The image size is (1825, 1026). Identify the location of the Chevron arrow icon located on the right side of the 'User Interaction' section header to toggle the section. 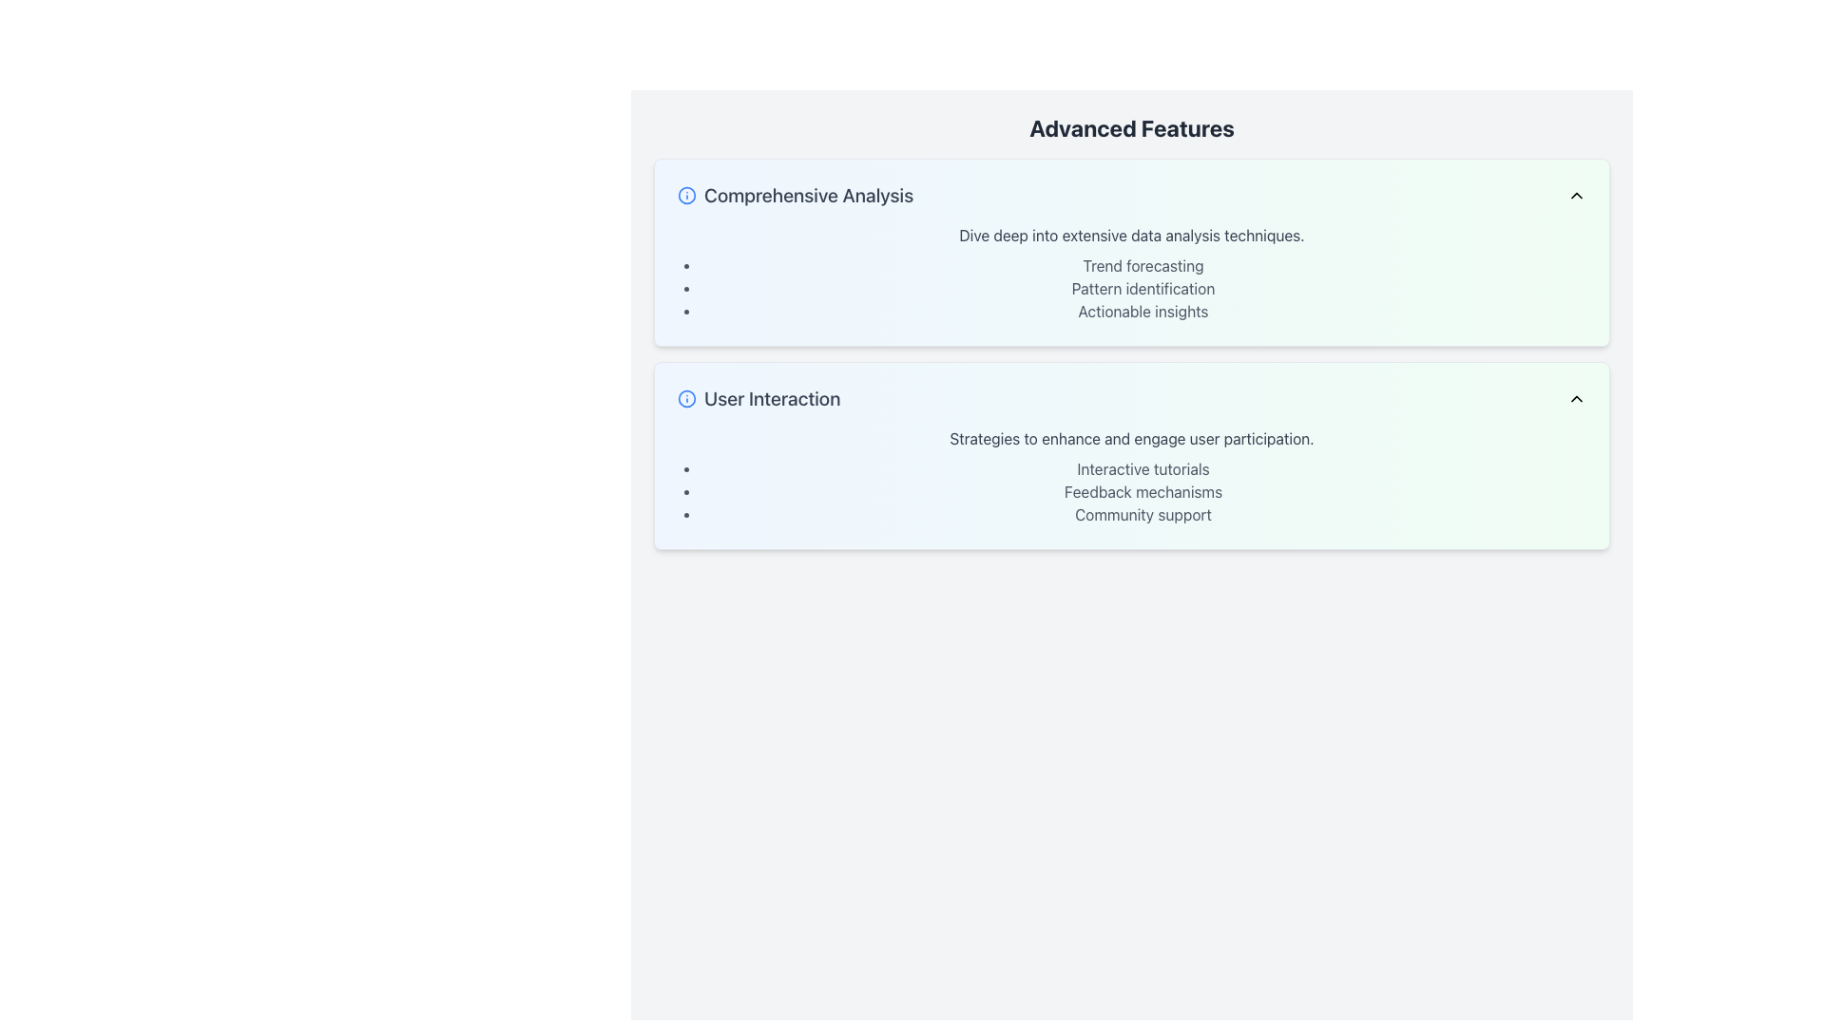
(1577, 398).